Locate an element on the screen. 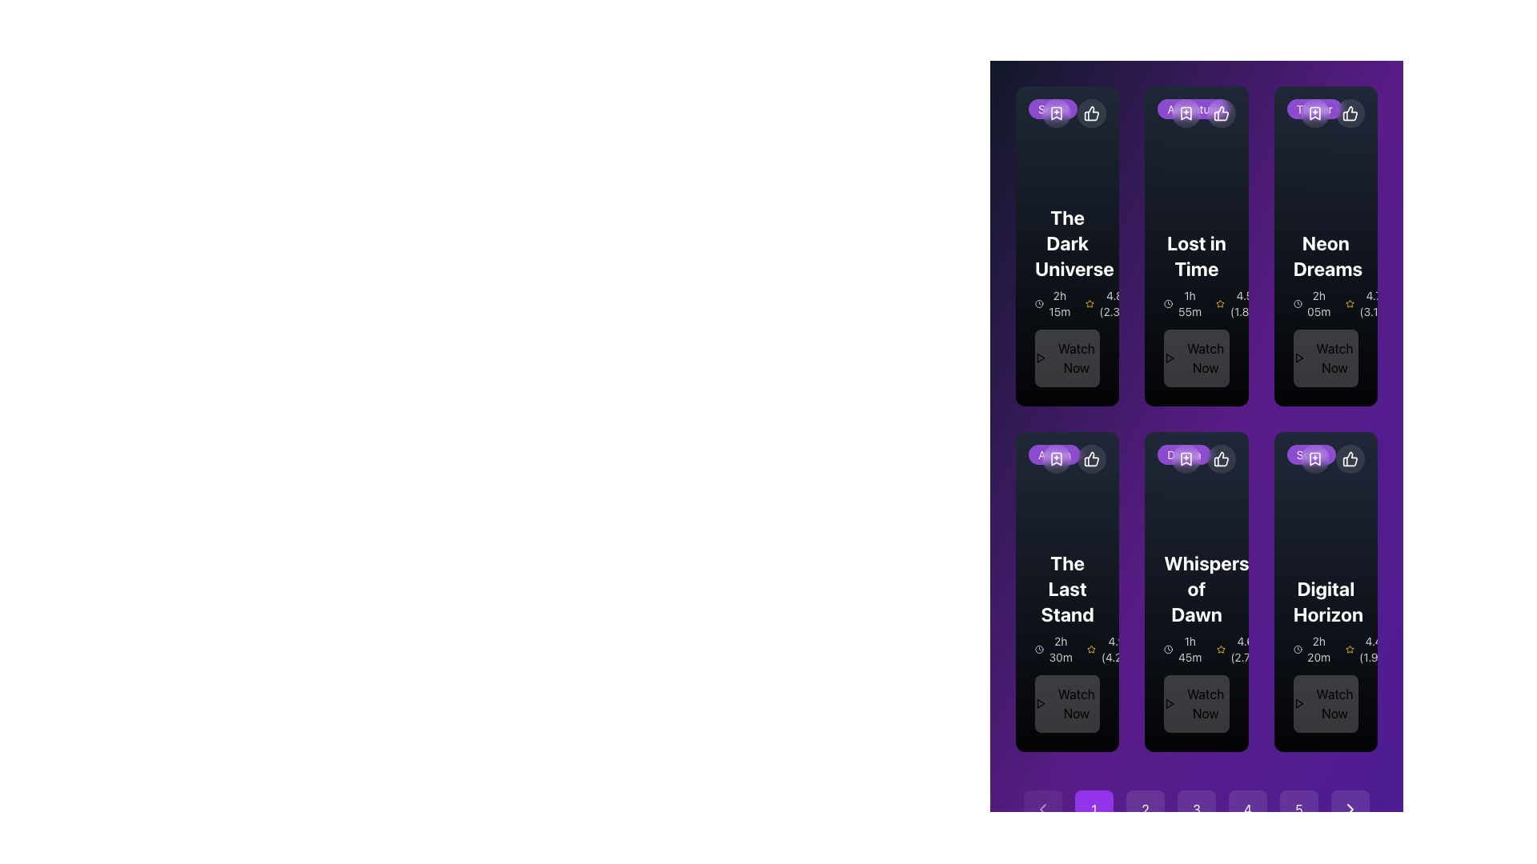  the circular button with a translucent background and a white bookmark icon located in the upper-right corner of the first card in the grid to bookmark is located at coordinates (1057, 113).